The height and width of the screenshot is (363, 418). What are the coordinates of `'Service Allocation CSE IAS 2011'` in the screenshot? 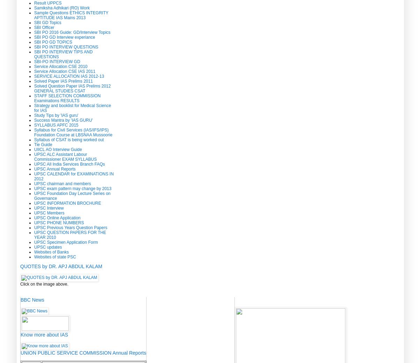 It's located at (64, 71).